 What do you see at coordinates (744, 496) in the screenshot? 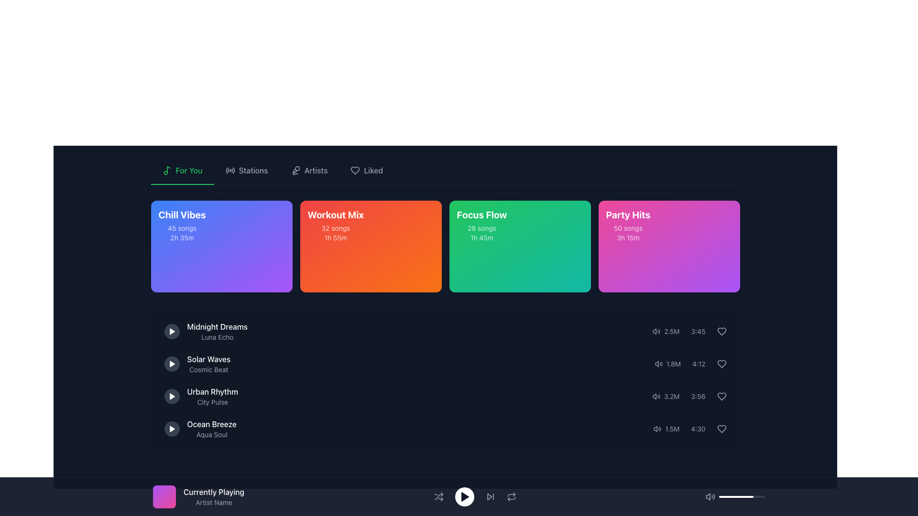
I see `slider value` at bounding box center [744, 496].